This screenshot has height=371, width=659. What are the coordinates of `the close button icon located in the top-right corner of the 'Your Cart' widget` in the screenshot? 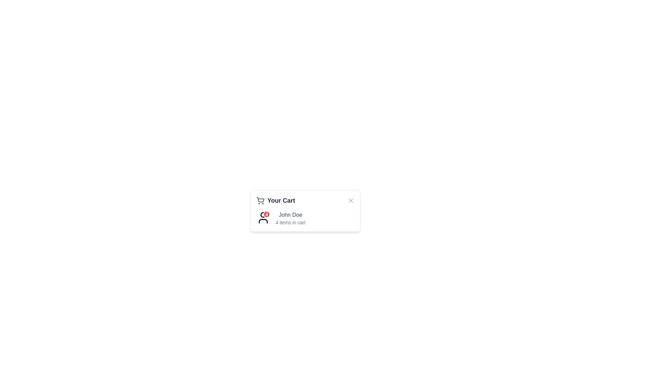 It's located at (351, 200).